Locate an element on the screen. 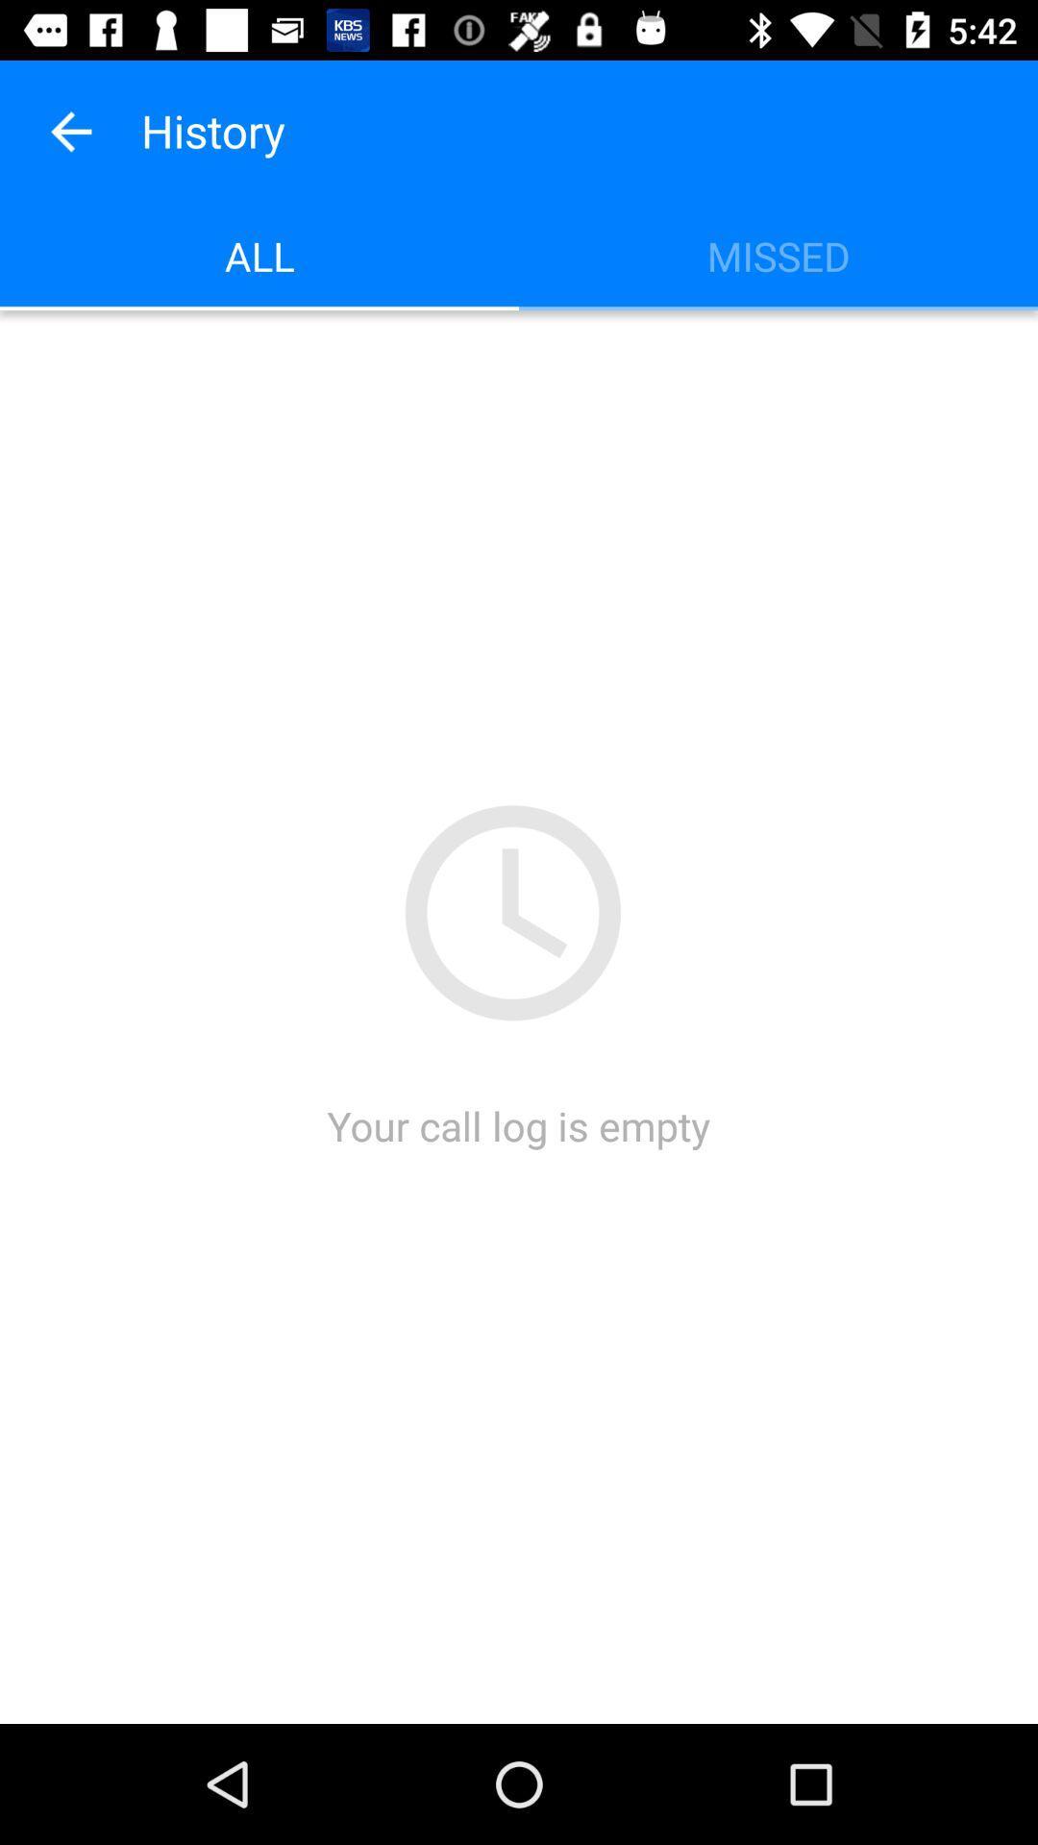 The width and height of the screenshot is (1038, 1845). item next to missed is located at coordinates (259, 255).